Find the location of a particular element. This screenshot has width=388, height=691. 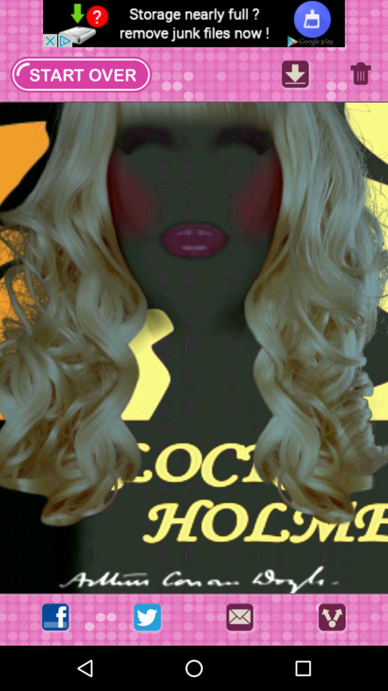

download photo is located at coordinates (295, 76).